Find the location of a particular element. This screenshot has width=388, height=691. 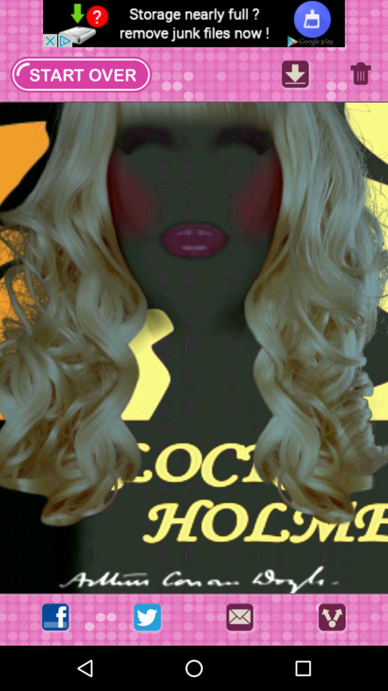

download photo is located at coordinates (295, 76).